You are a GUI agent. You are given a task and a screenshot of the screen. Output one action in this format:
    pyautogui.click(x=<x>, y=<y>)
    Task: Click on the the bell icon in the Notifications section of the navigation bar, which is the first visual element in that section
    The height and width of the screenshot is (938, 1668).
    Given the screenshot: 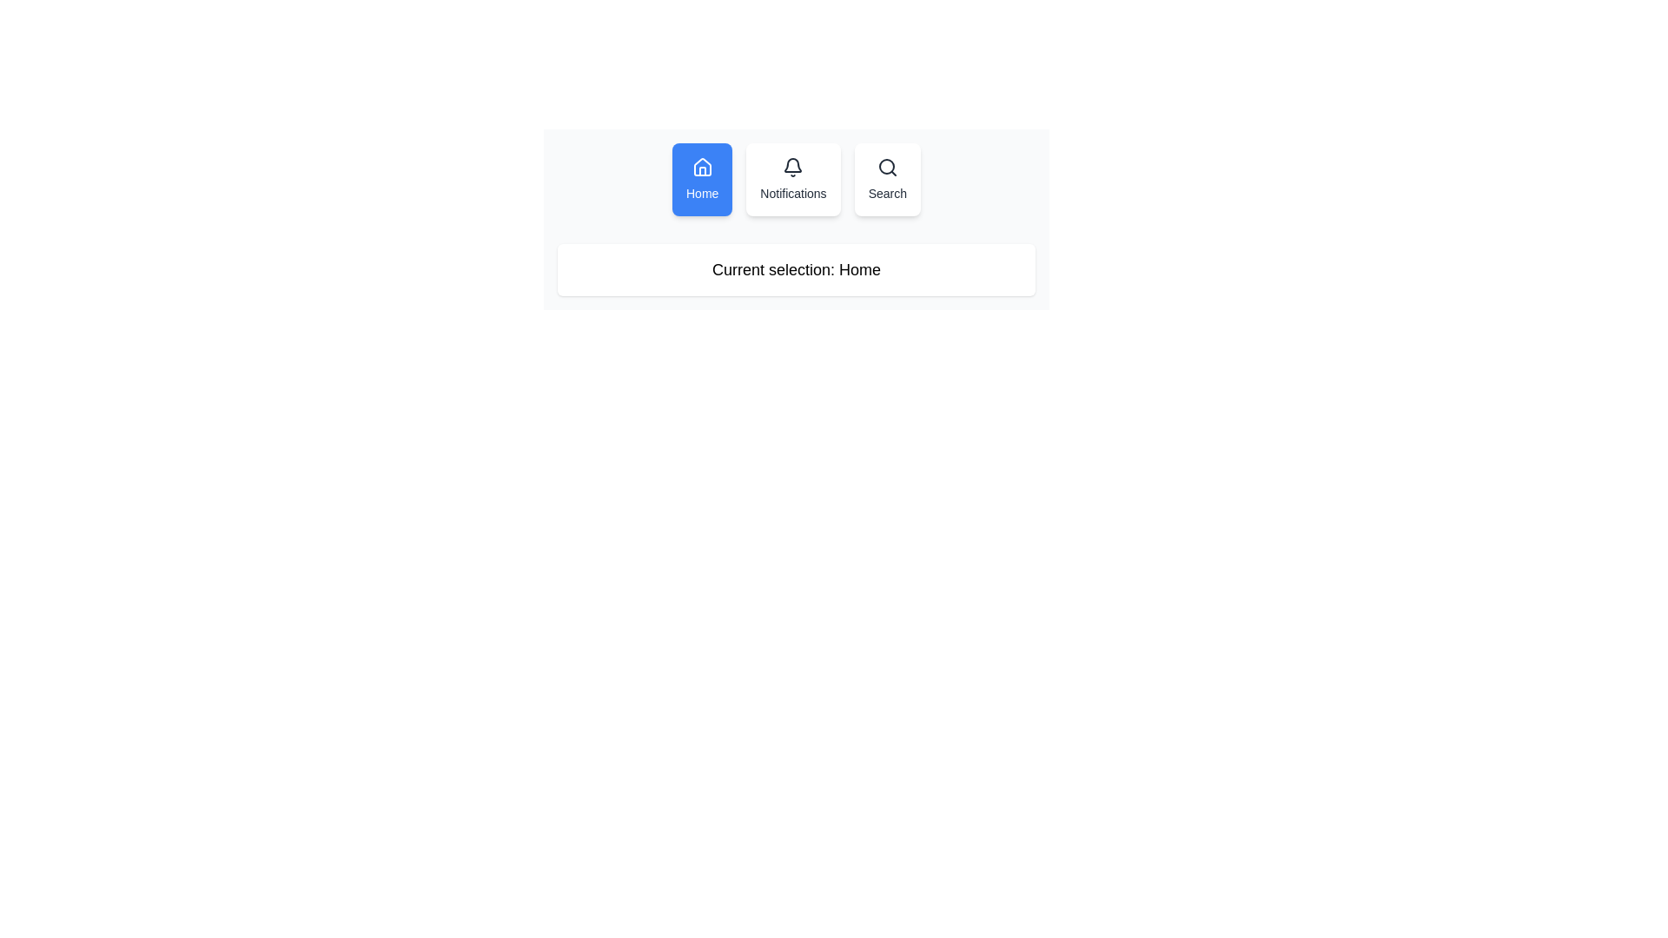 What is the action you would take?
    pyautogui.click(x=792, y=167)
    